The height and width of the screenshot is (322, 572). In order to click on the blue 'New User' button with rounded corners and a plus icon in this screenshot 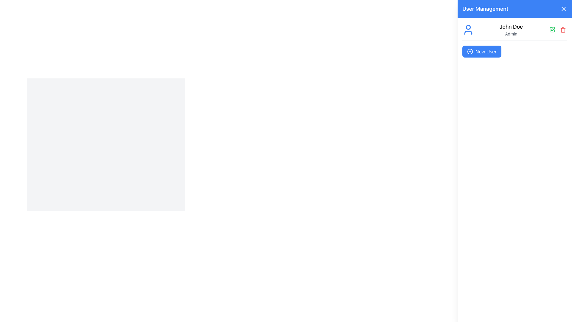, I will do `click(482, 51)`.